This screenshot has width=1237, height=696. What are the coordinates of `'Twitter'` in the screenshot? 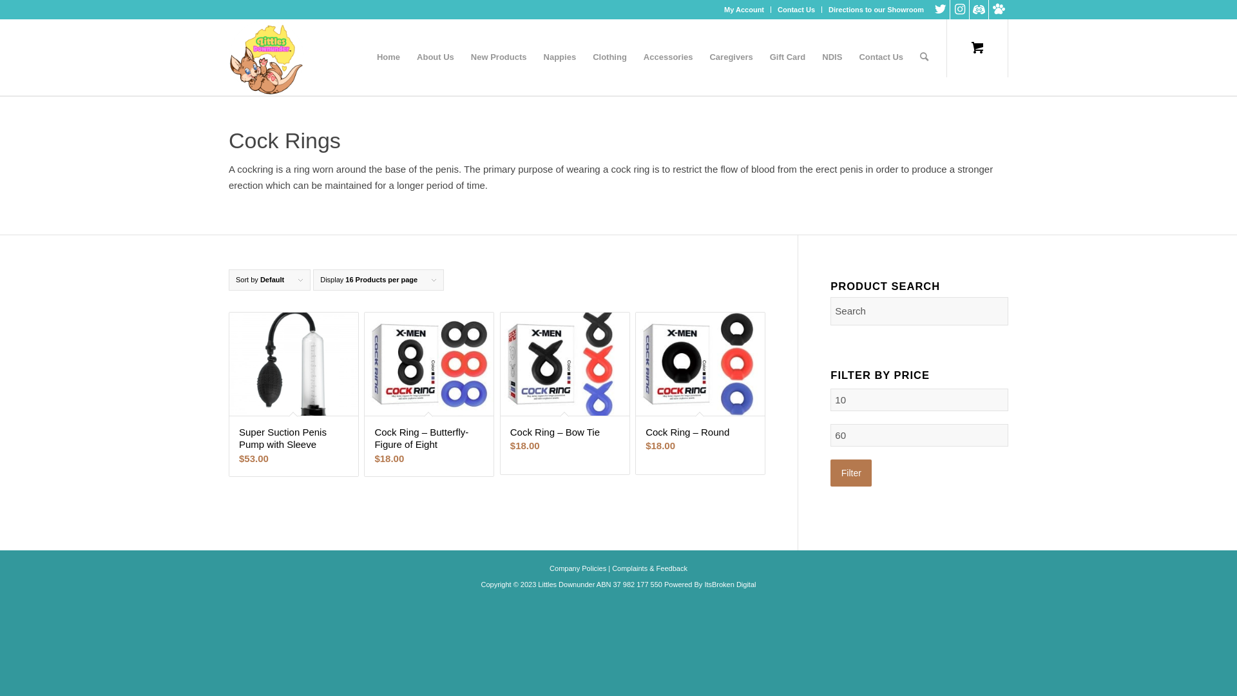 It's located at (930, 10).